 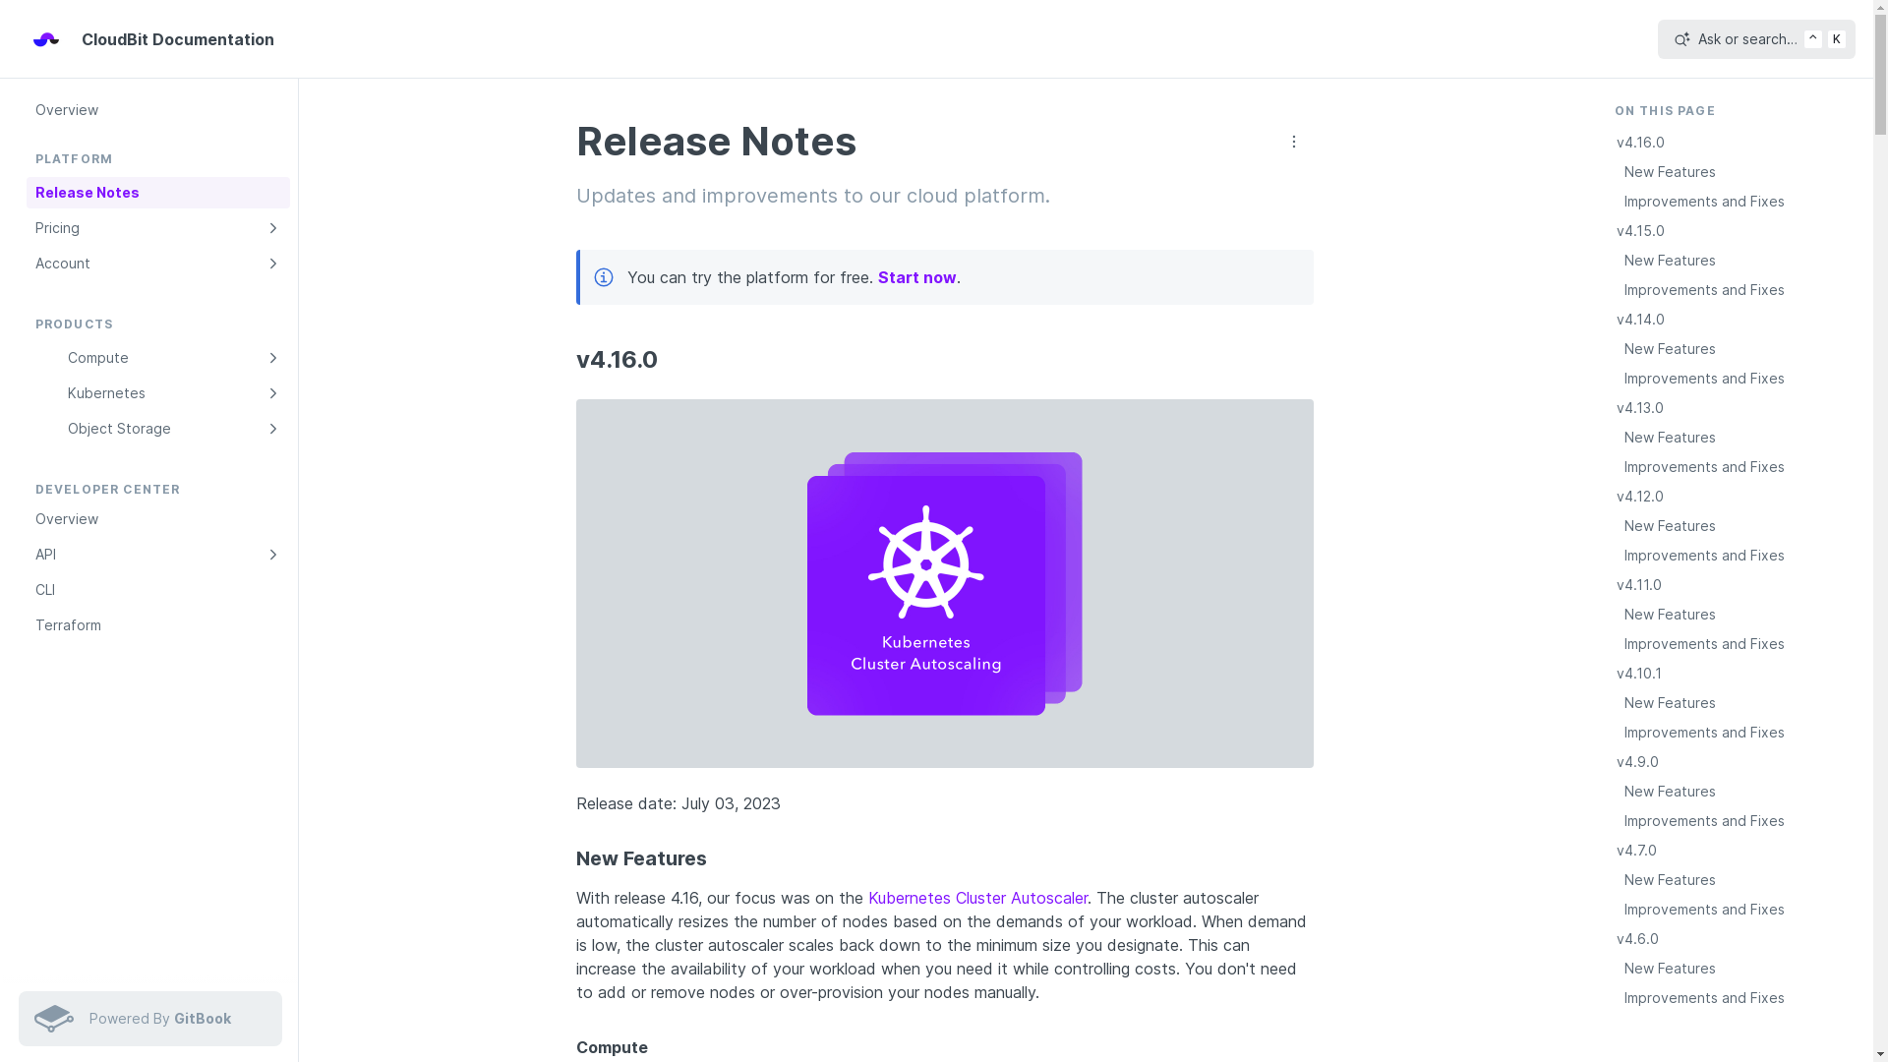 What do you see at coordinates (155, 109) in the screenshot?
I see `'Overview'` at bounding box center [155, 109].